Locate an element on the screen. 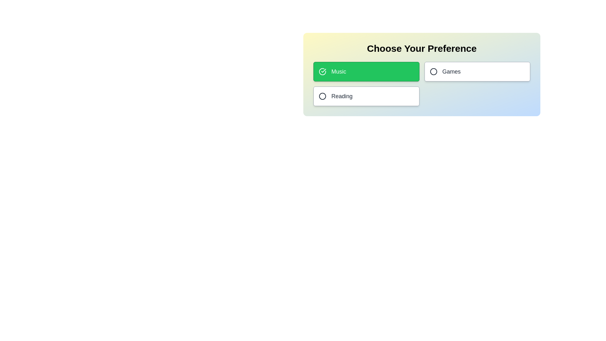  the Circle icon representing the selection status for the 'Games' button is located at coordinates (433, 71).